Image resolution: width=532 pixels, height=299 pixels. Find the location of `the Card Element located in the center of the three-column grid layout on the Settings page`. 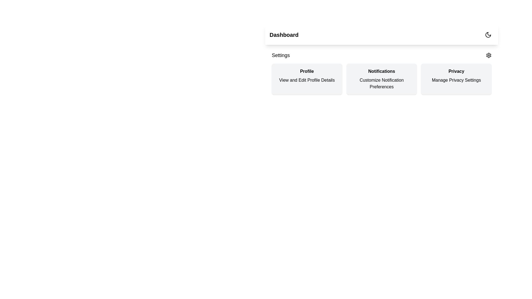

the Card Element located in the center of the three-column grid layout on the Settings page is located at coordinates (381, 79).